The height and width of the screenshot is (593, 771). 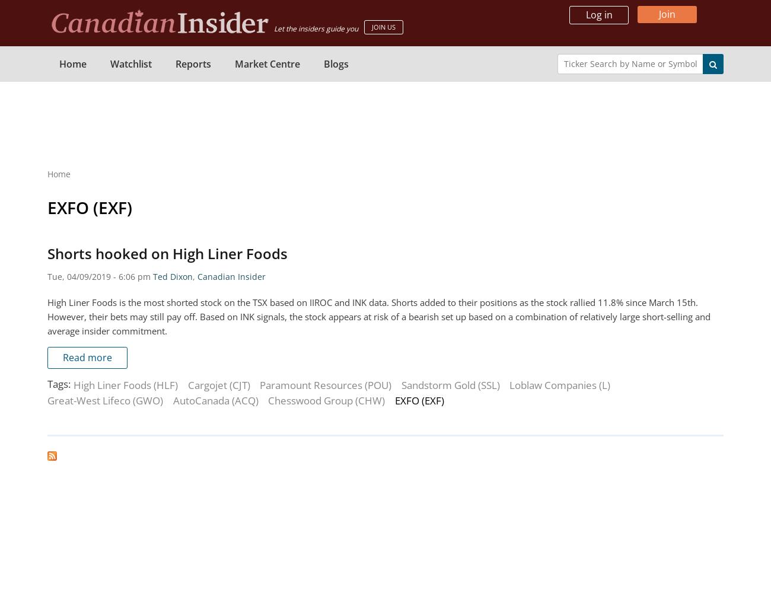 What do you see at coordinates (384, 26) in the screenshot?
I see `'JOIN US'` at bounding box center [384, 26].